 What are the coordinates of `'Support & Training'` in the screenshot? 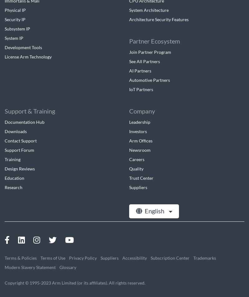 It's located at (30, 110).